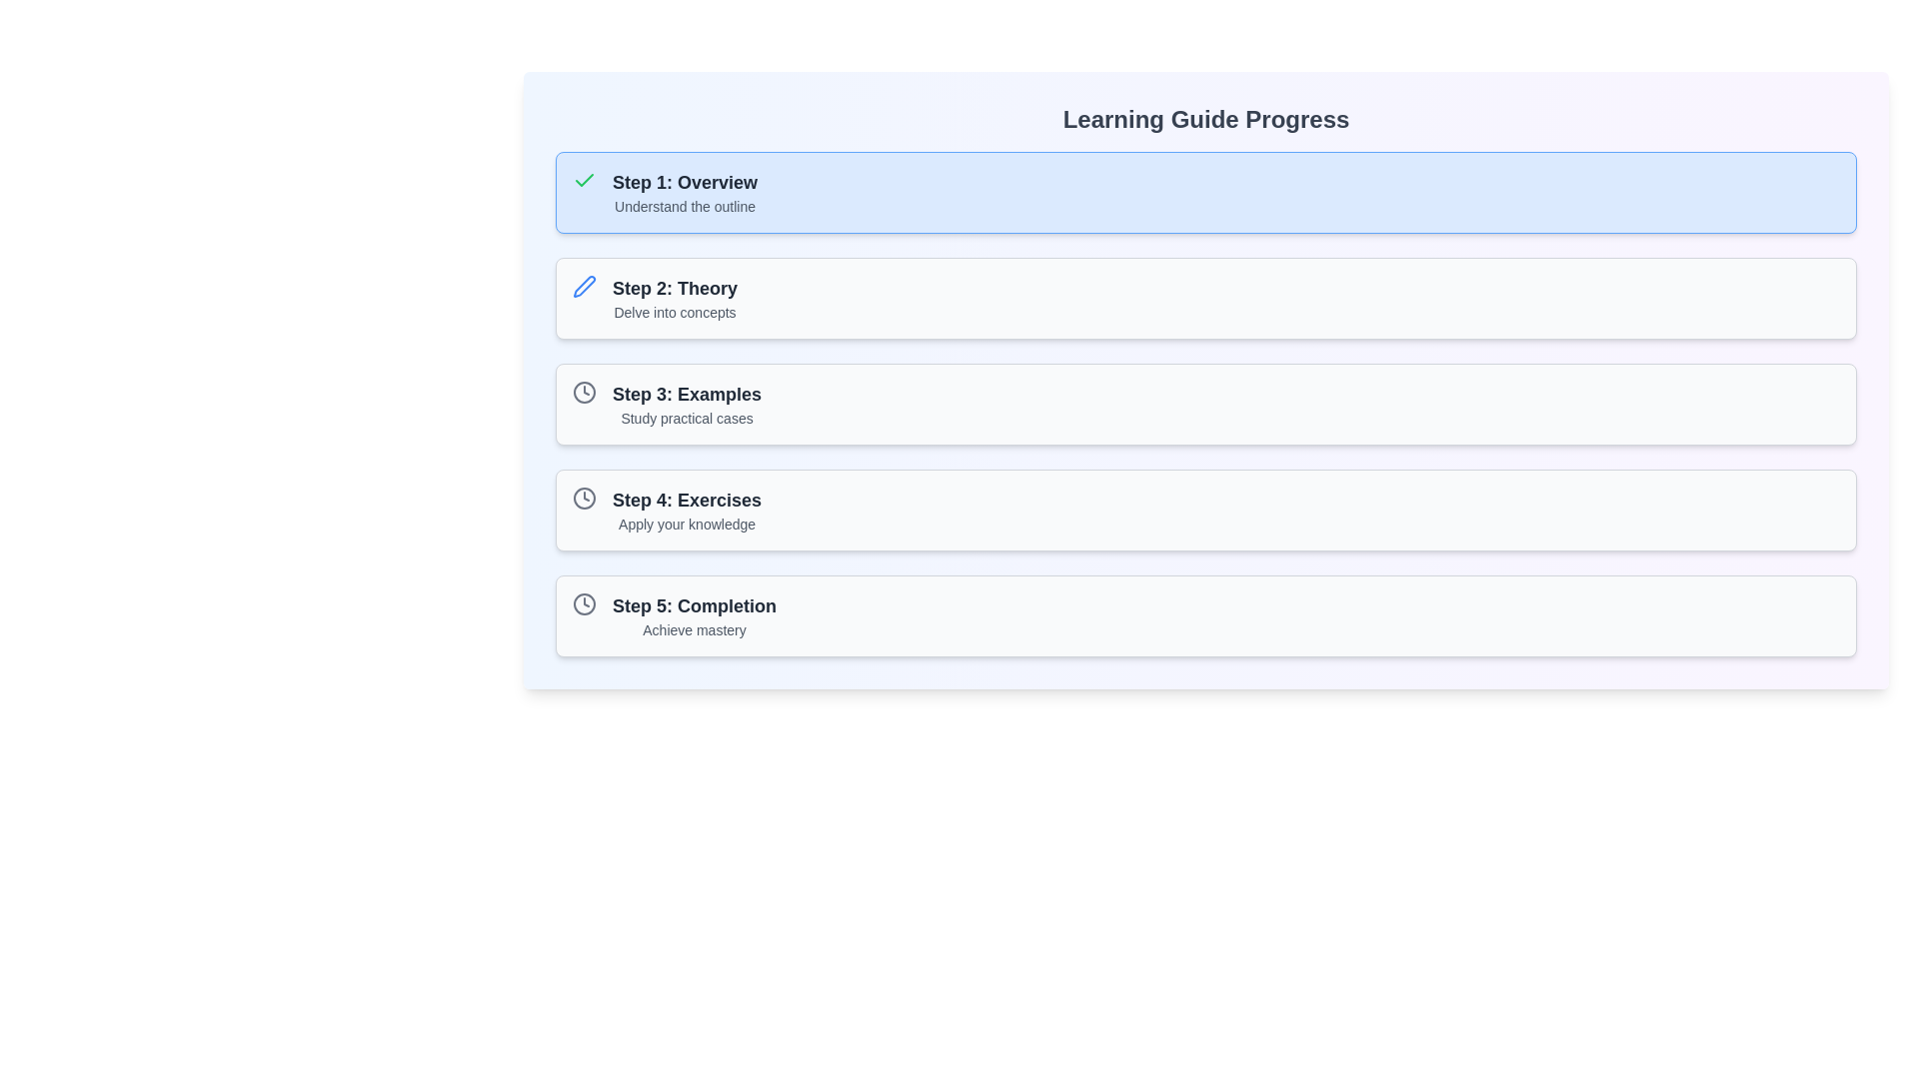  What do you see at coordinates (1204, 299) in the screenshot?
I see `the card-style UI component titled 'Step 2: Theory' which contains the description 'Delve into concepts'. This card is positioned between 'Step 1: Overview' and 'Step 3: Examples' in the Learning Guide Progress section` at bounding box center [1204, 299].